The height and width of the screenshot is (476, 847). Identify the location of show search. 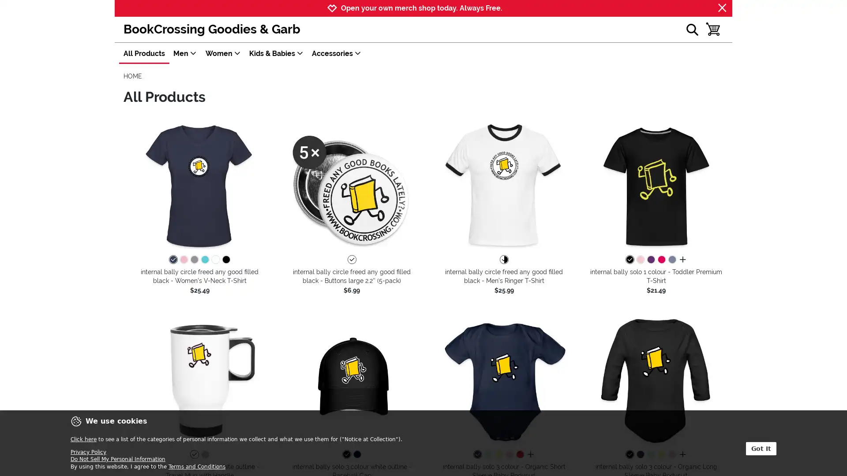
(691, 29).